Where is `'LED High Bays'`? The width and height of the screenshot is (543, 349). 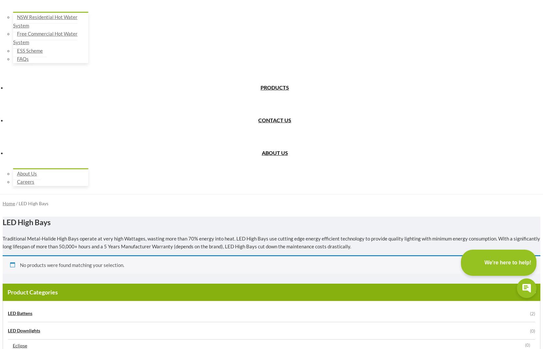 'LED High Bays' is located at coordinates (26, 222).